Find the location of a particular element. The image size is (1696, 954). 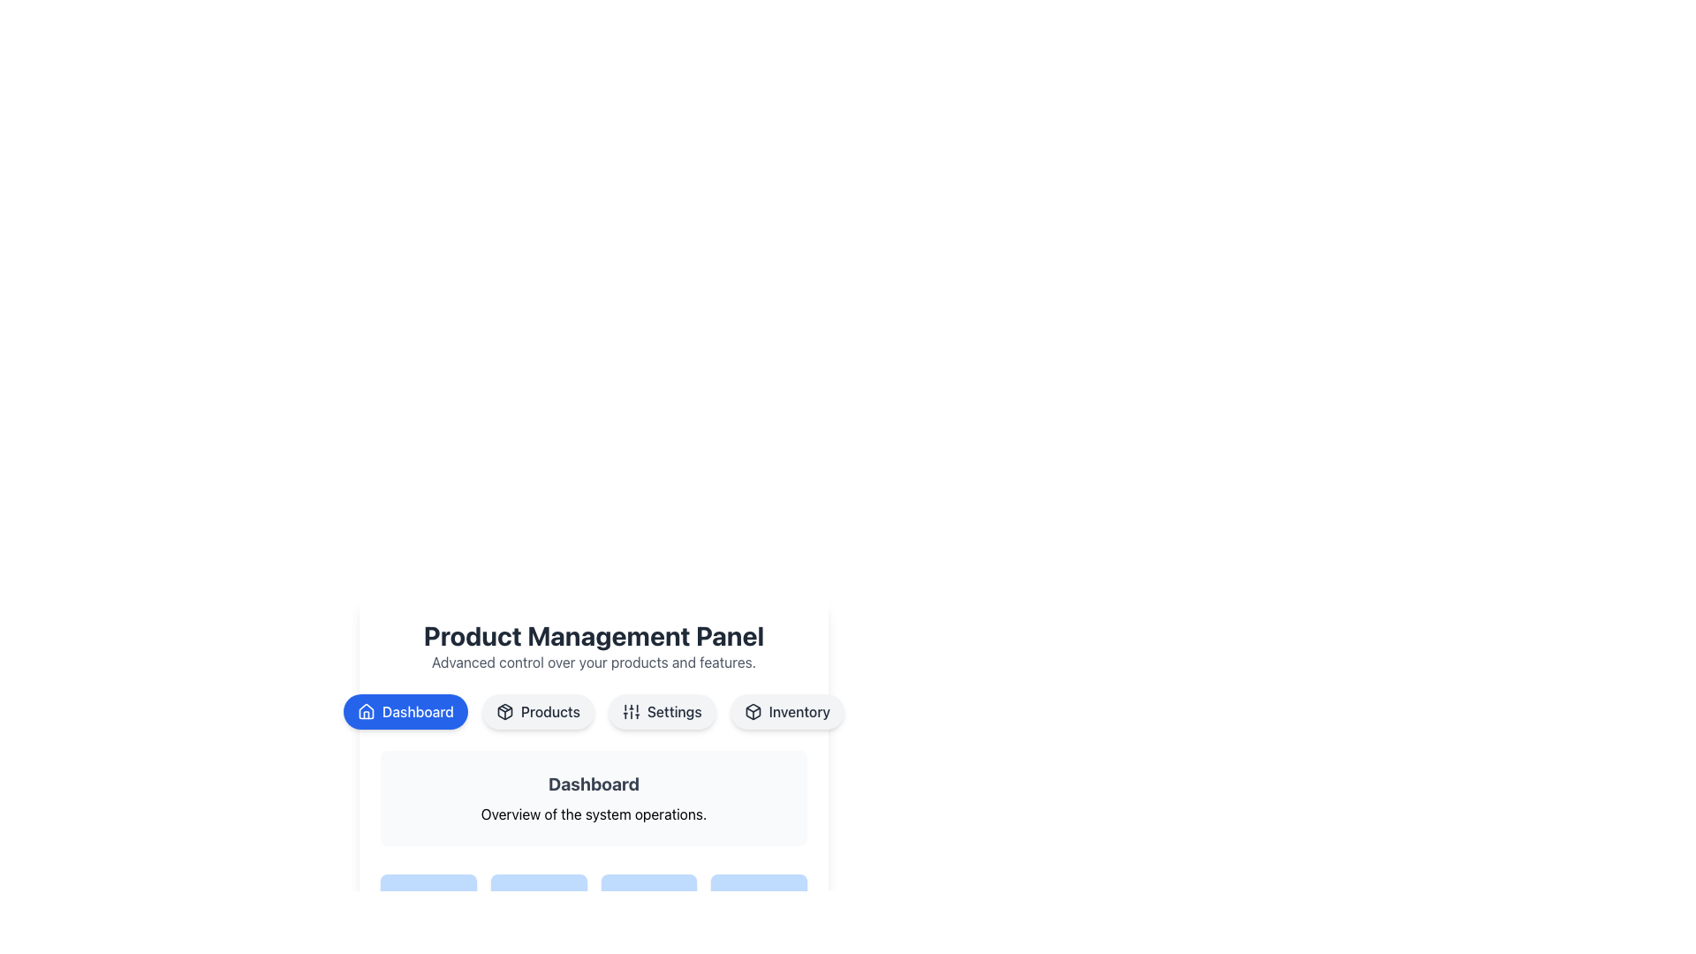

the text heading 'Product Management Panel', which is styled in bold and larger font at the top of a section is located at coordinates (594, 636).